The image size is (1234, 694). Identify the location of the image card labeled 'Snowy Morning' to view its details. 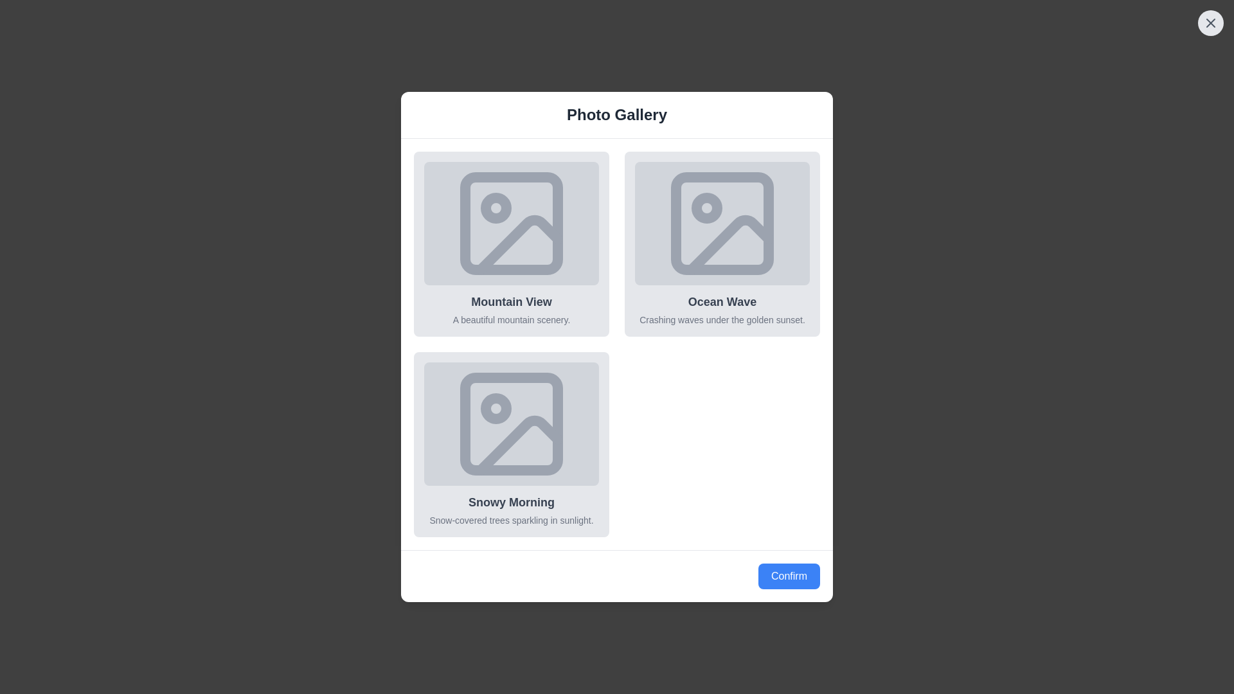
(511, 443).